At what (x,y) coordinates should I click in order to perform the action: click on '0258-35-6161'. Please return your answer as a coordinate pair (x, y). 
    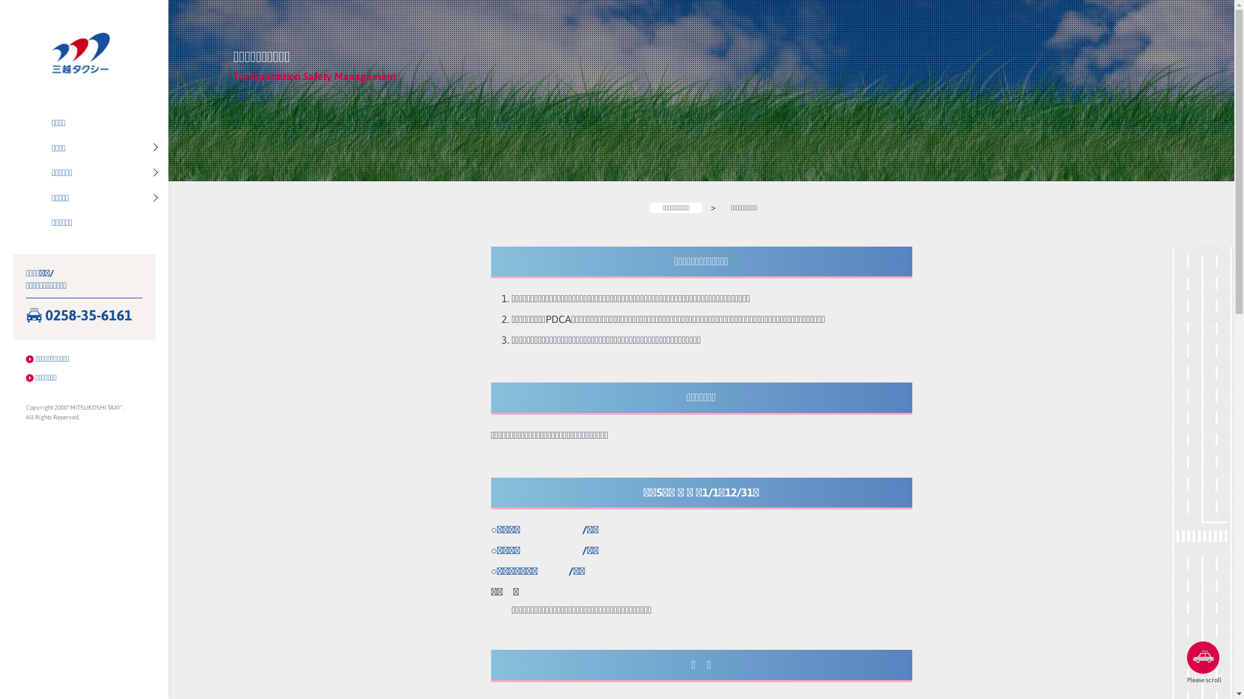
    Looking at the image, I should click on (83, 316).